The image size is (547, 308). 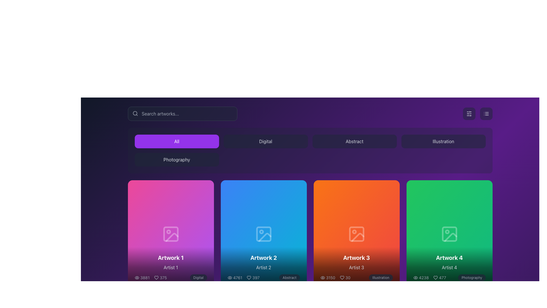 What do you see at coordinates (449, 234) in the screenshot?
I see `the SVG-based icon representing an image within the green card titled 'Artwork 4', located at the bottom right of the row` at bounding box center [449, 234].